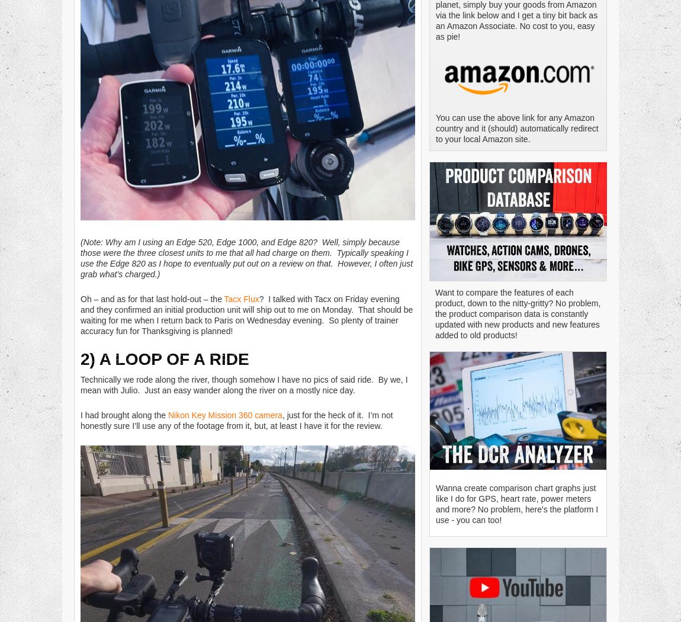 The width and height of the screenshot is (681, 622). Describe the element at coordinates (516, 128) in the screenshot. I see `'You can use the above link for any Amazon country and it (should) automatically redirect to your local Amazon site.'` at that location.